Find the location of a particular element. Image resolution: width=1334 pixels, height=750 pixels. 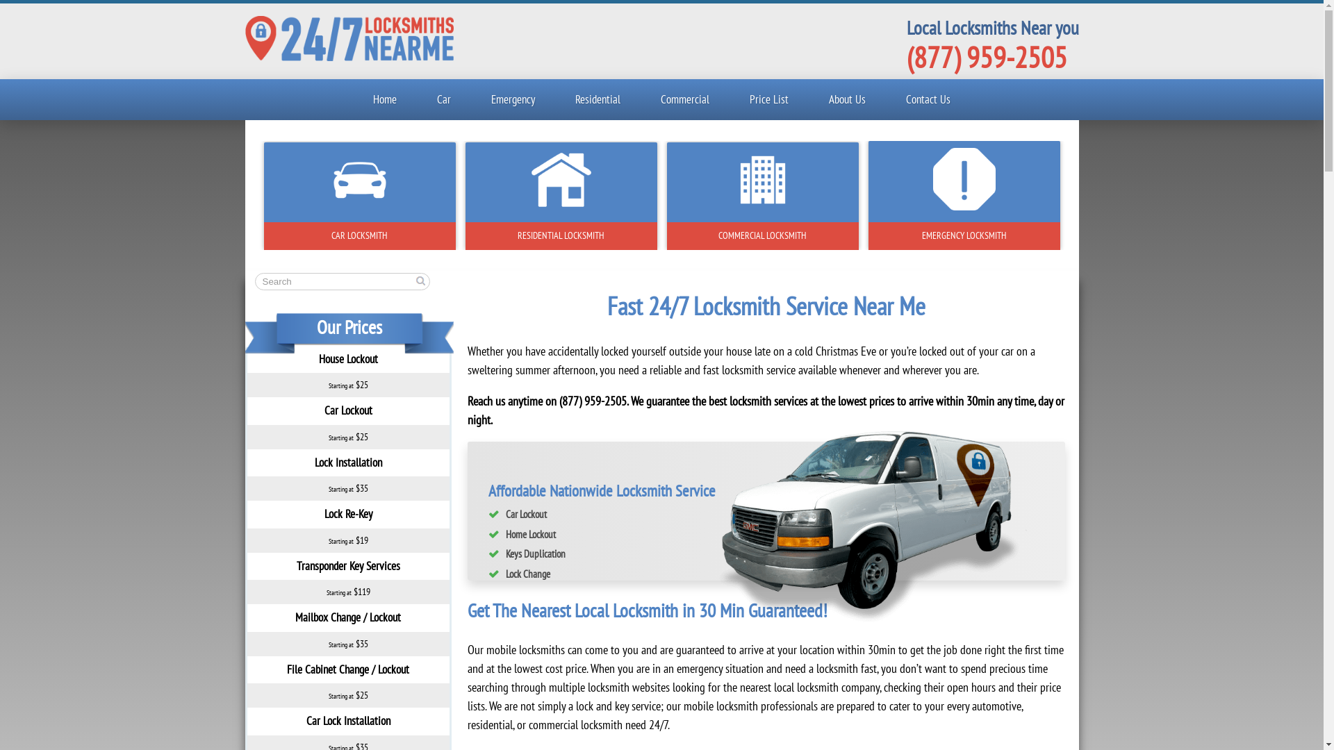

'Home' is located at coordinates (384, 99).